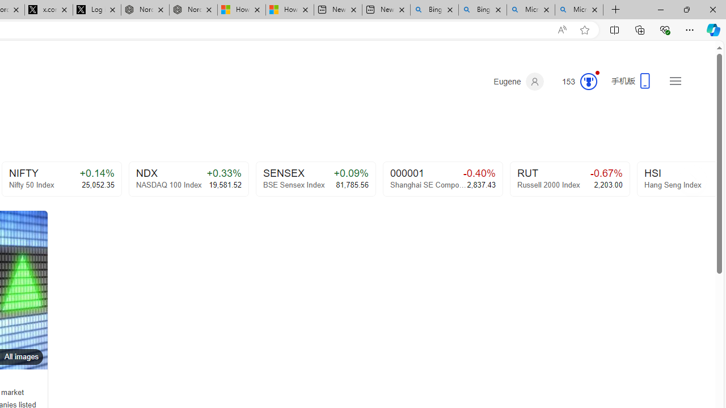 The width and height of the screenshot is (726, 408). I want to click on 'NDX+0.33%NASDAQ 100 Index19,581.52', so click(188, 178).